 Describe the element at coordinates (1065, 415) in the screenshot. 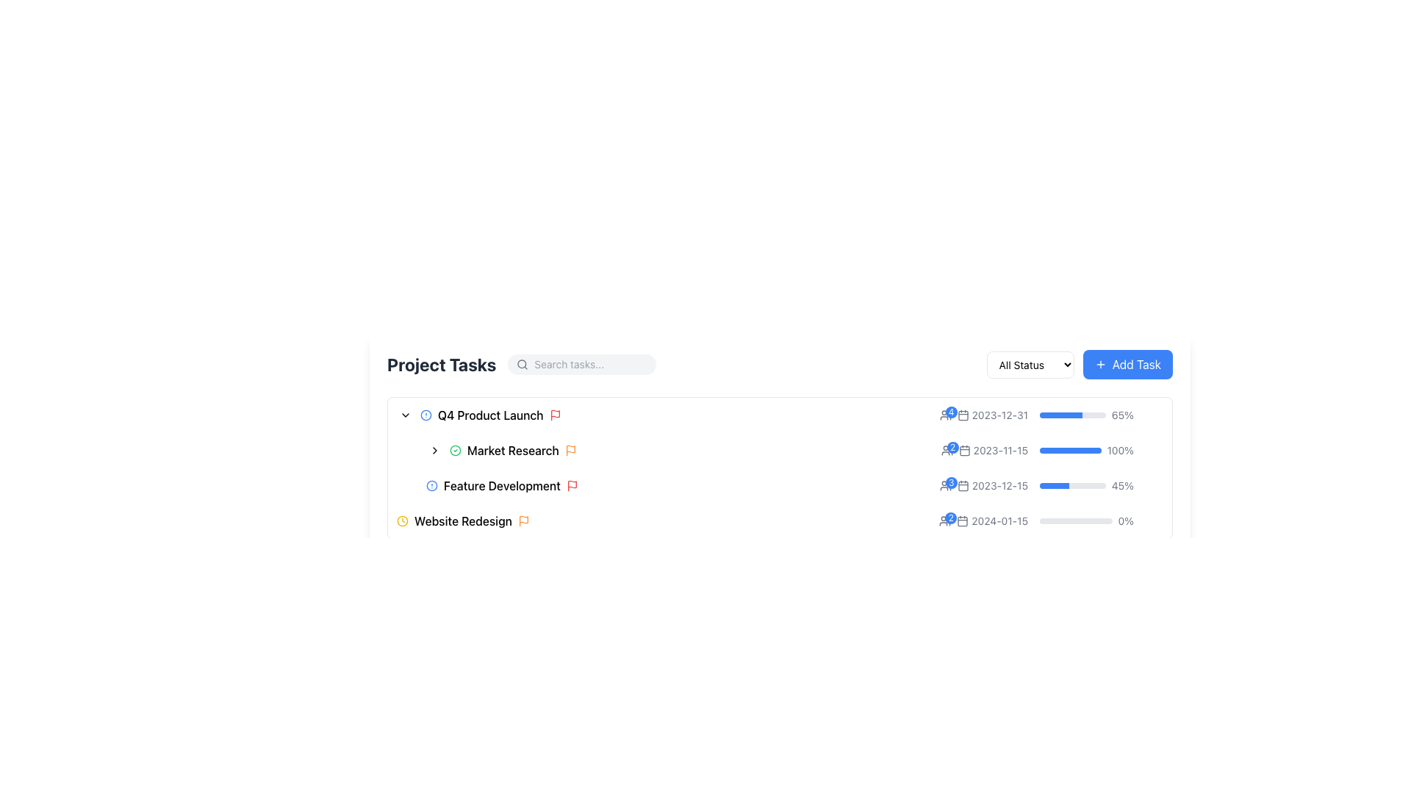

I see `task completion` at that location.